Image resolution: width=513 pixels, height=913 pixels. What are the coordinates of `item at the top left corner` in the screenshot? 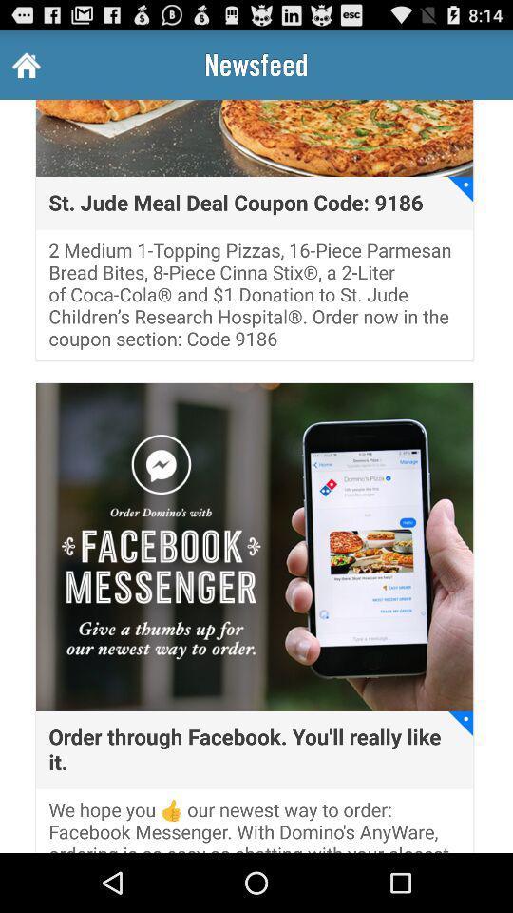 It's located at (24, 65).